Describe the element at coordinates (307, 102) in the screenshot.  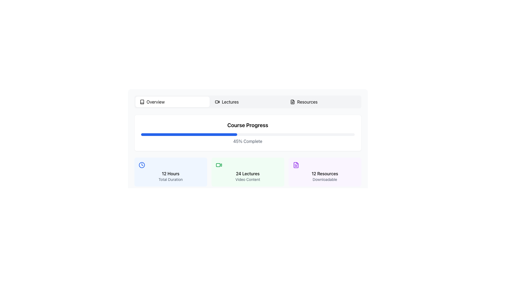
I see `the 'Resources' text label in the upper navigation menu` at that location.